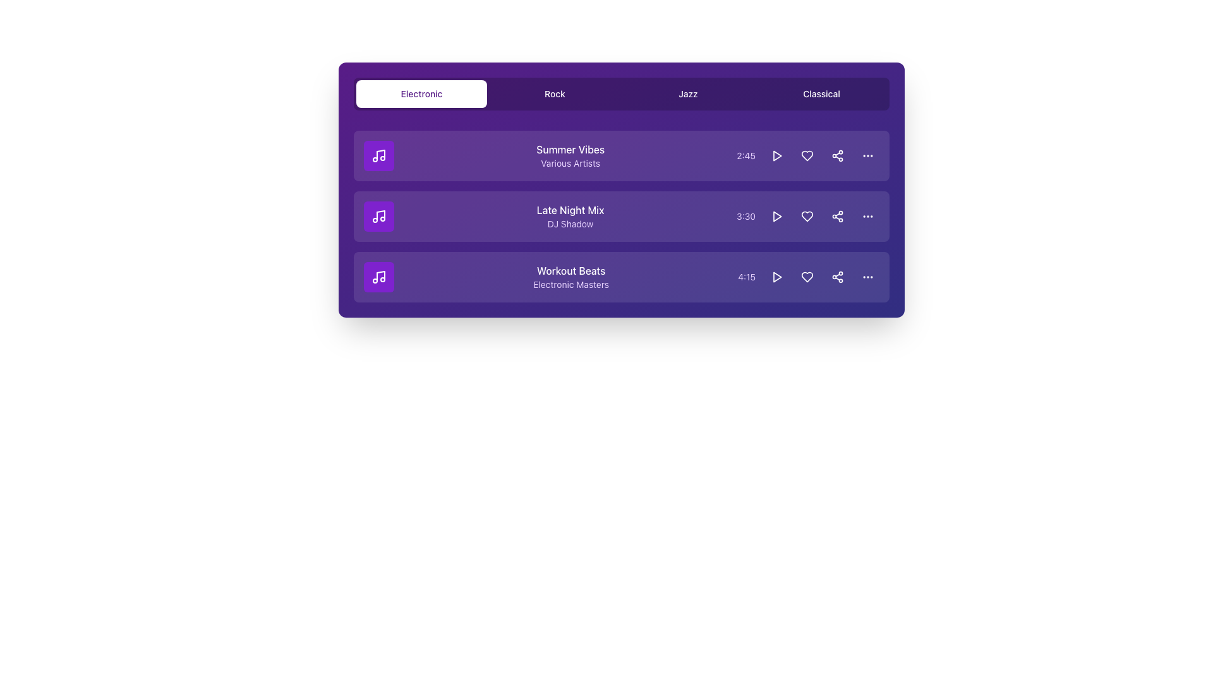 This screenshot has width=1213, height=682. Describe the element at coordinates (378, 216) in the screenshot. I see `the music note icon displayed within a purple square button, which is the second item in a vertical list containing three elements, aligned to the left of the text 'Late Night Mix' and 'DJ Shadow'` at that location.